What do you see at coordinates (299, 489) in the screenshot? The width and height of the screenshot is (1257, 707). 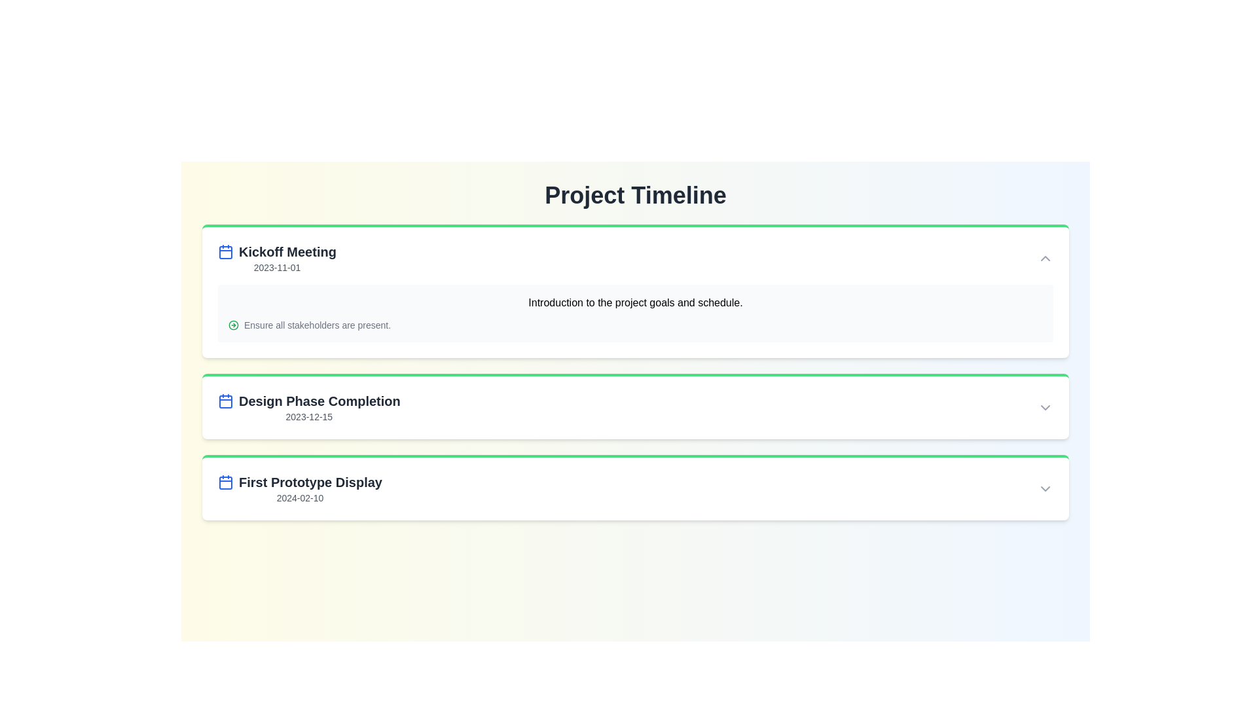 I see `on the 'First Prototype Display' element, which features a bold heading and a grey date below it` at bounding box center [299, 489].